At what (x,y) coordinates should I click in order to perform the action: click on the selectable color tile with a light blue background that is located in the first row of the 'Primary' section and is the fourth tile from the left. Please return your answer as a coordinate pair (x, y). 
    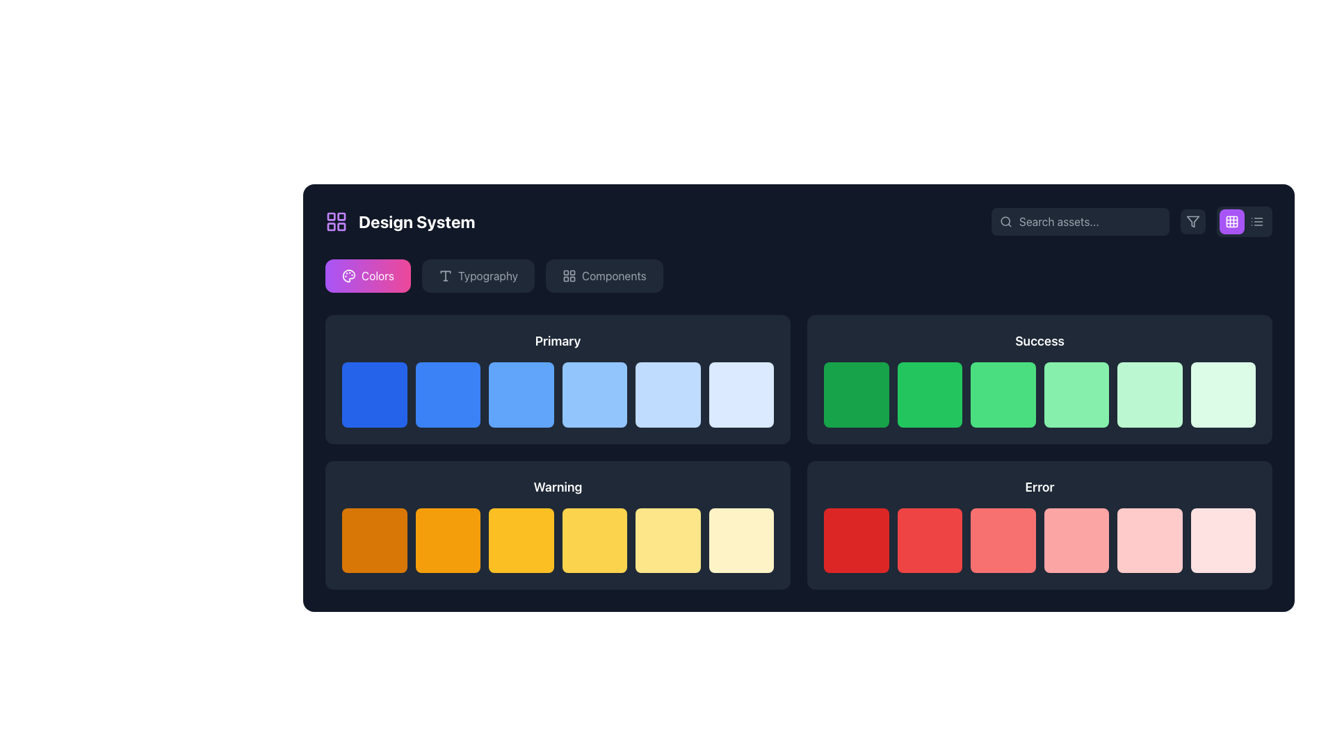
    Looking at the image, I should click on (594, 394).